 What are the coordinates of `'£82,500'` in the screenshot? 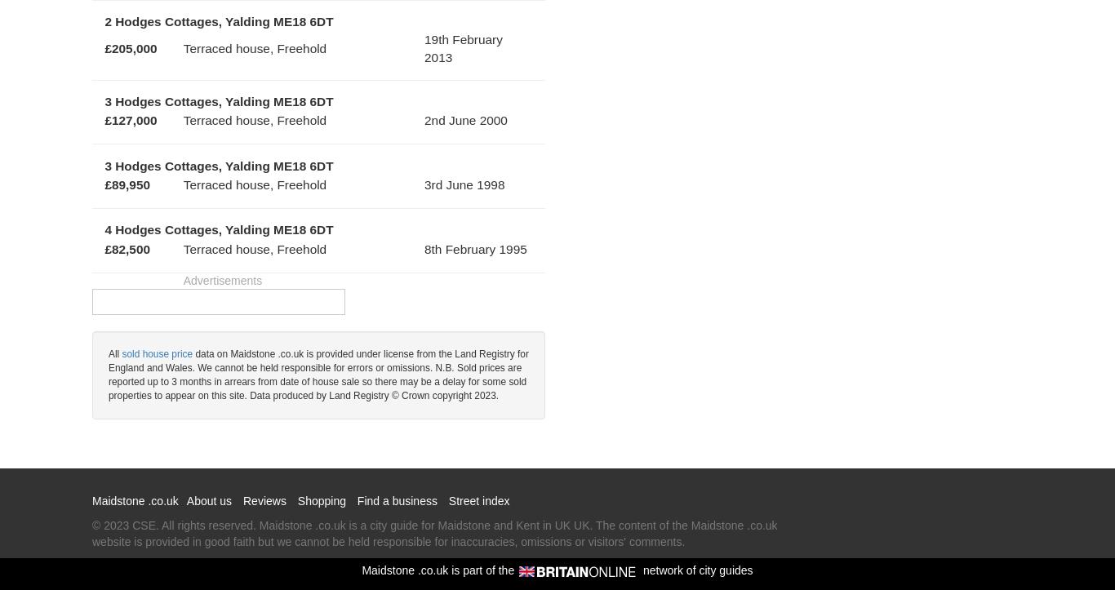 It's located at (126, 248).